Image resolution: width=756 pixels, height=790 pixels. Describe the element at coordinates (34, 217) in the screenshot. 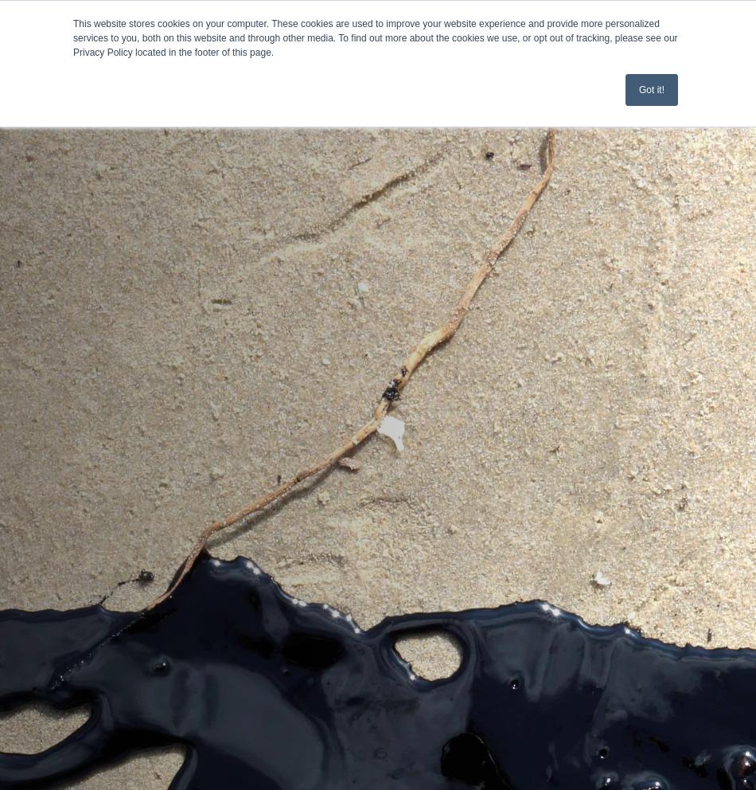

I see `'Events'` at that location.